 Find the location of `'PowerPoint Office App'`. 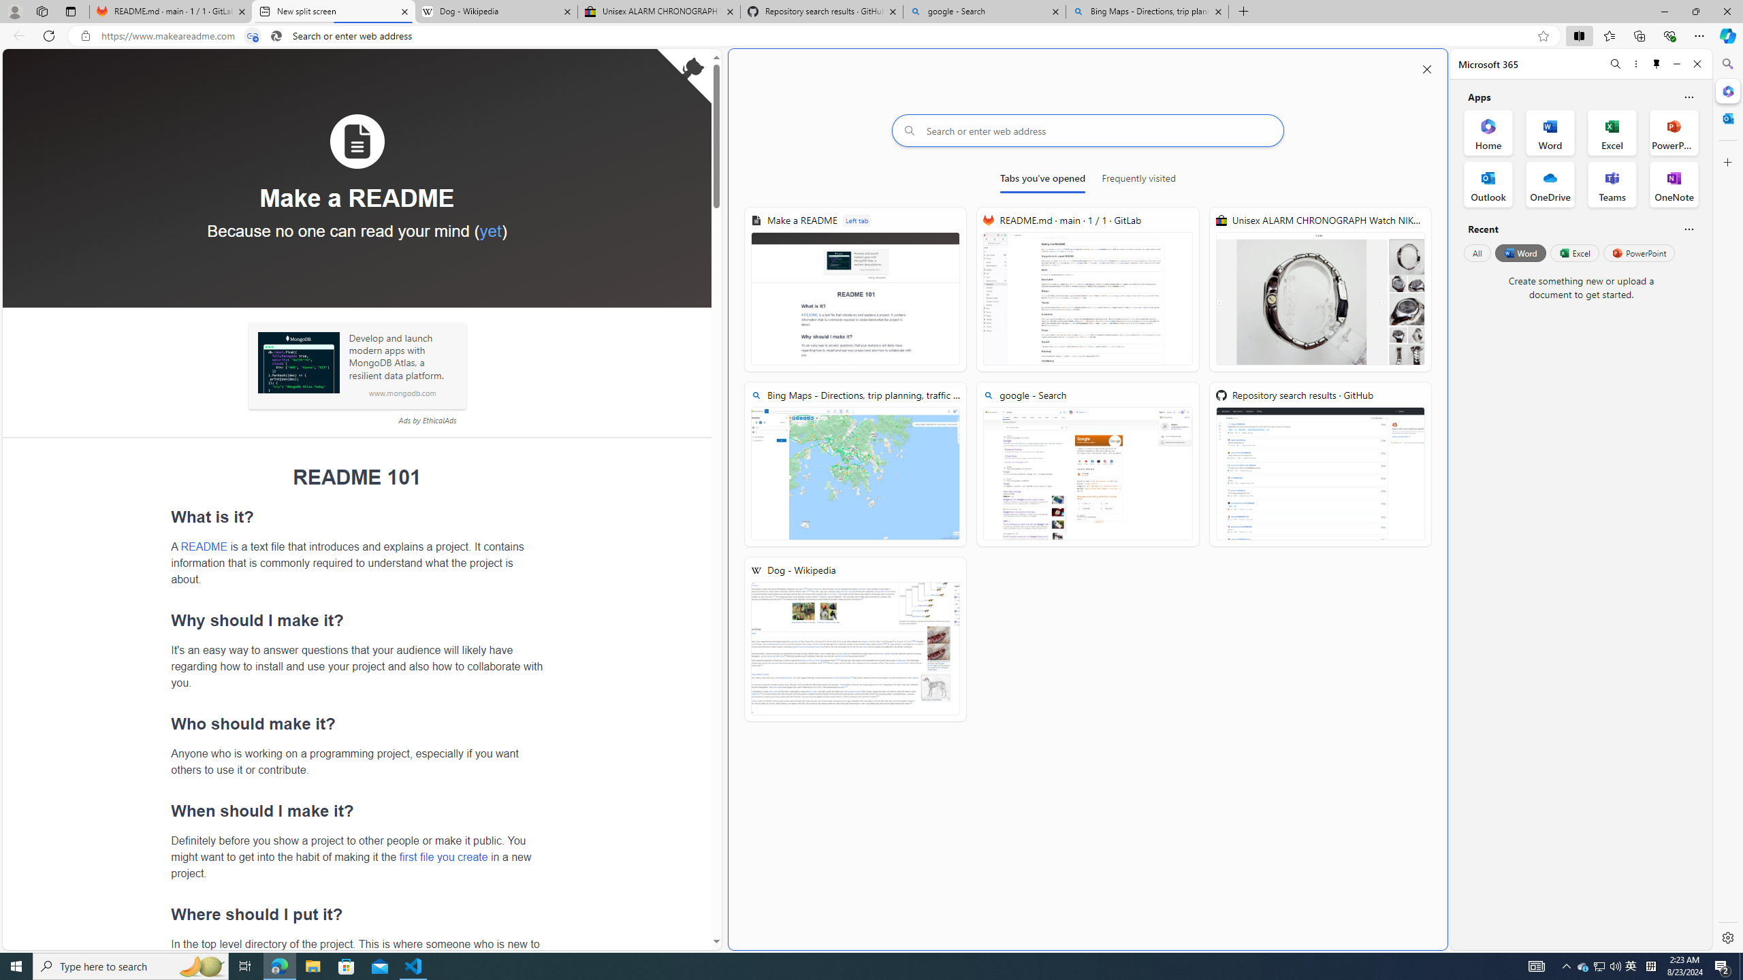

'PowerPoint Office App' is located at coordinates (1674, 133).